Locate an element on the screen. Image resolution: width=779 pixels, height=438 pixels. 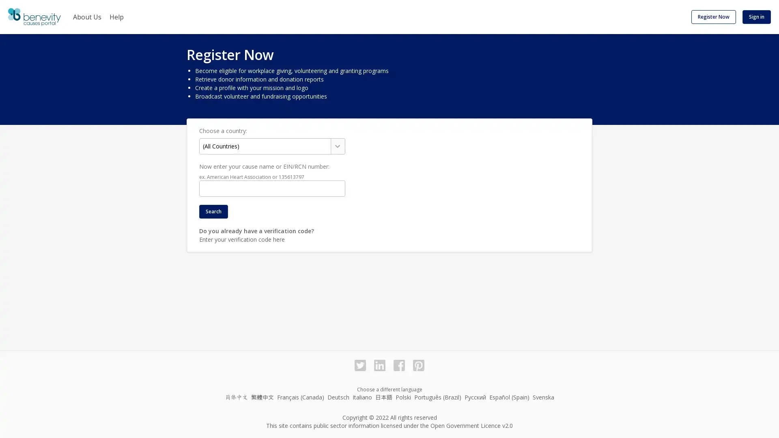
Search is located at coordinates (213, 211).